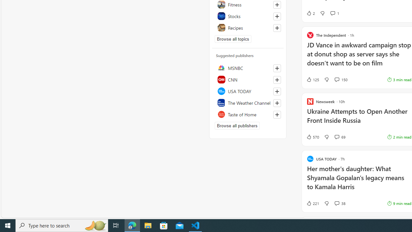 This screenshot has height=232, width=412. What do you see at coordinates (248, 114) in the screenshot?
I see `'Taste of Home'` at bounding box center [248, 114].